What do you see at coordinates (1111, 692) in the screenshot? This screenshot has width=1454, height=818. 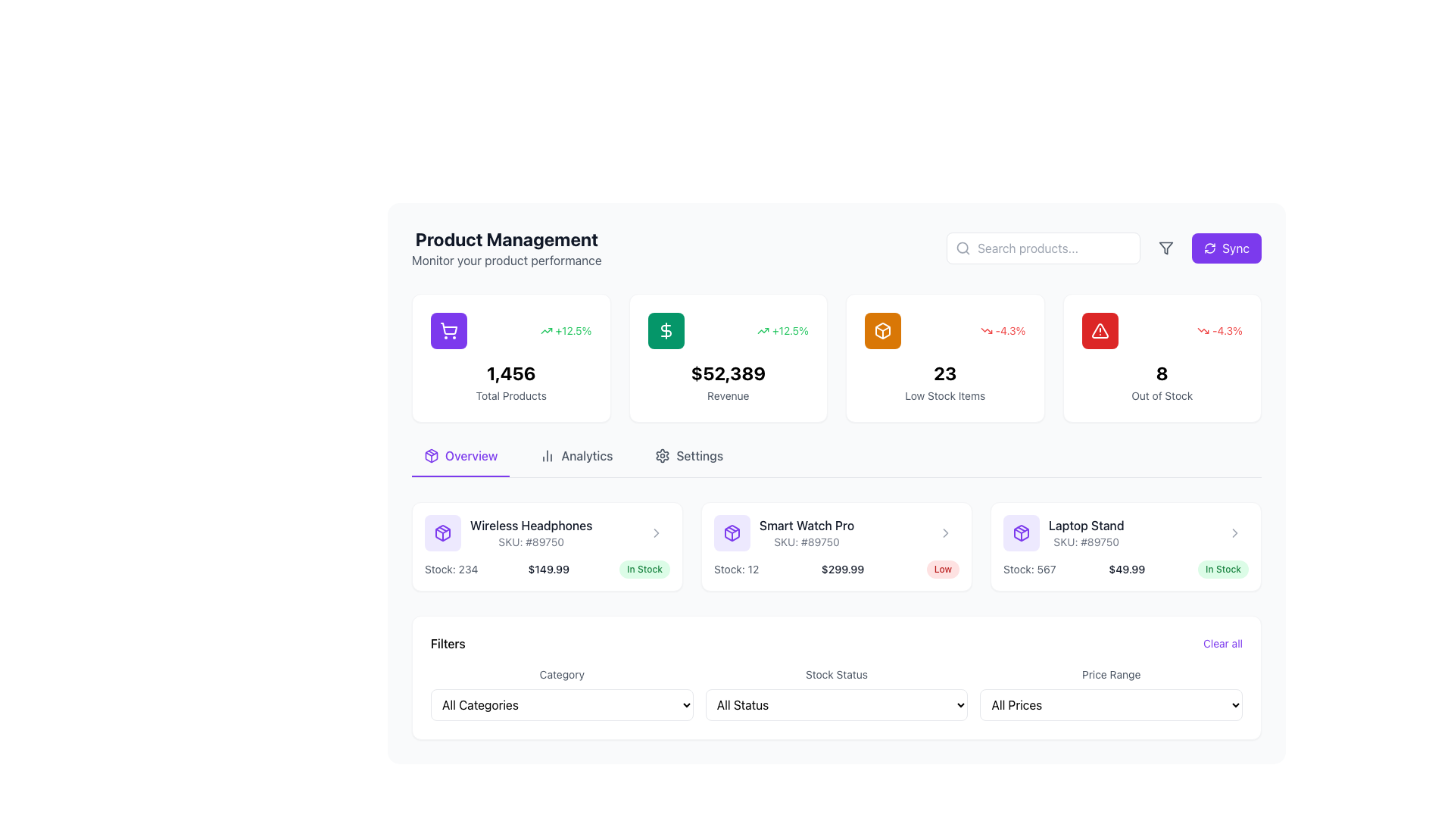 I see `the 'Price Range' dropdown menu located in the bottom-right section of the 'Filters' area` at bounding box center [1111, 692].